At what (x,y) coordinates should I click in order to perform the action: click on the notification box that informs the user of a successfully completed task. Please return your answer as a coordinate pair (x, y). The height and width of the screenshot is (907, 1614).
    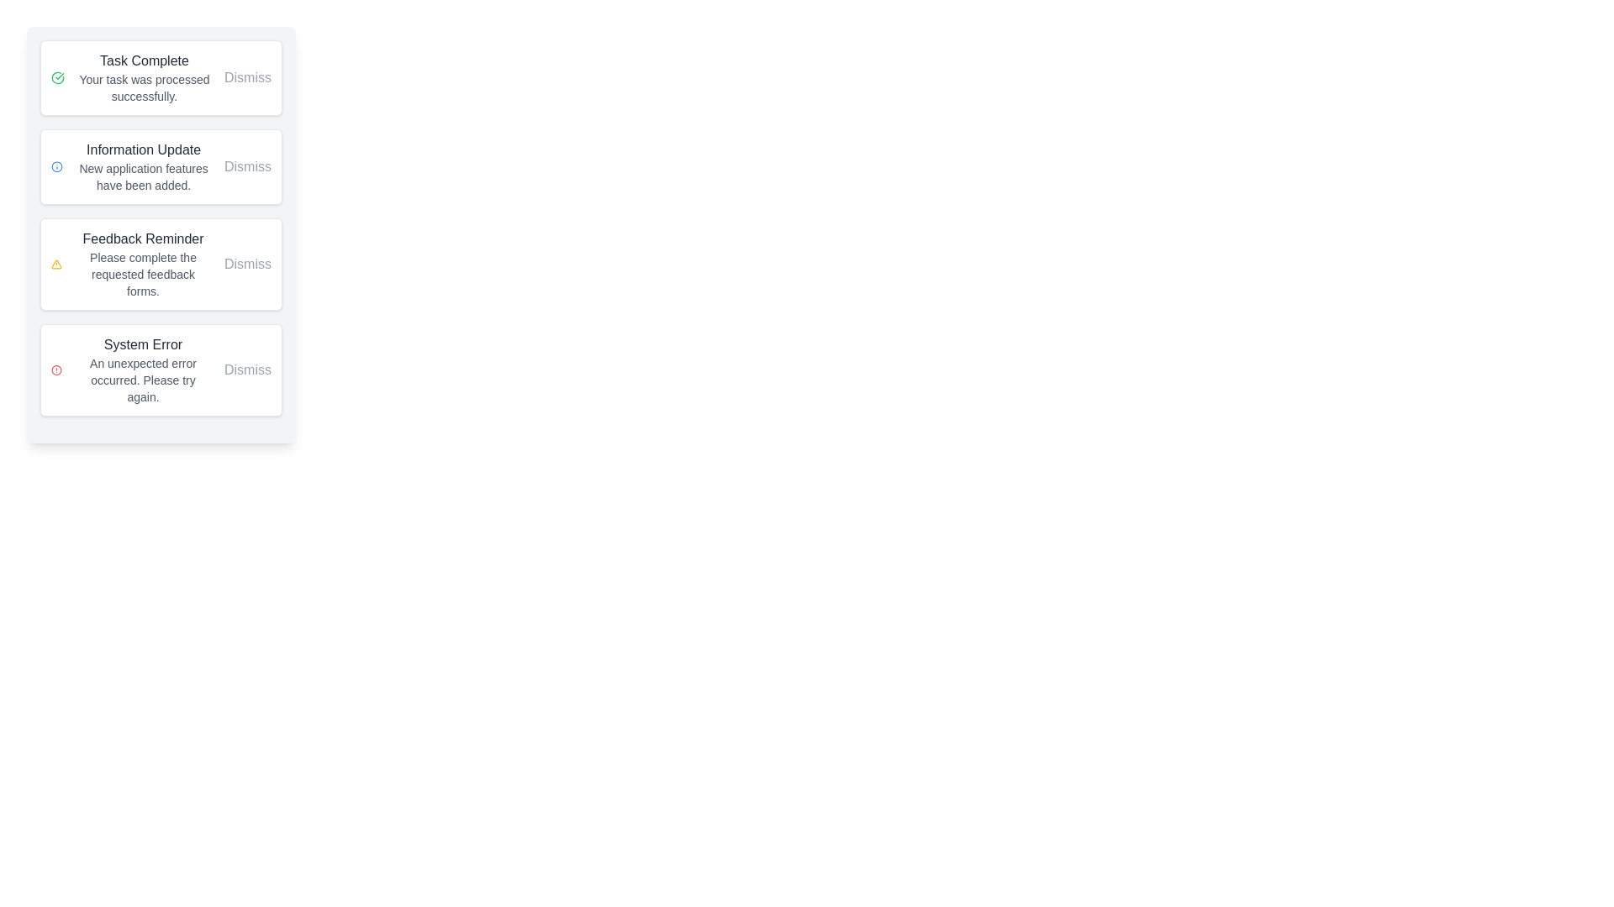
    Looking at the image, I should click on (161, 77).